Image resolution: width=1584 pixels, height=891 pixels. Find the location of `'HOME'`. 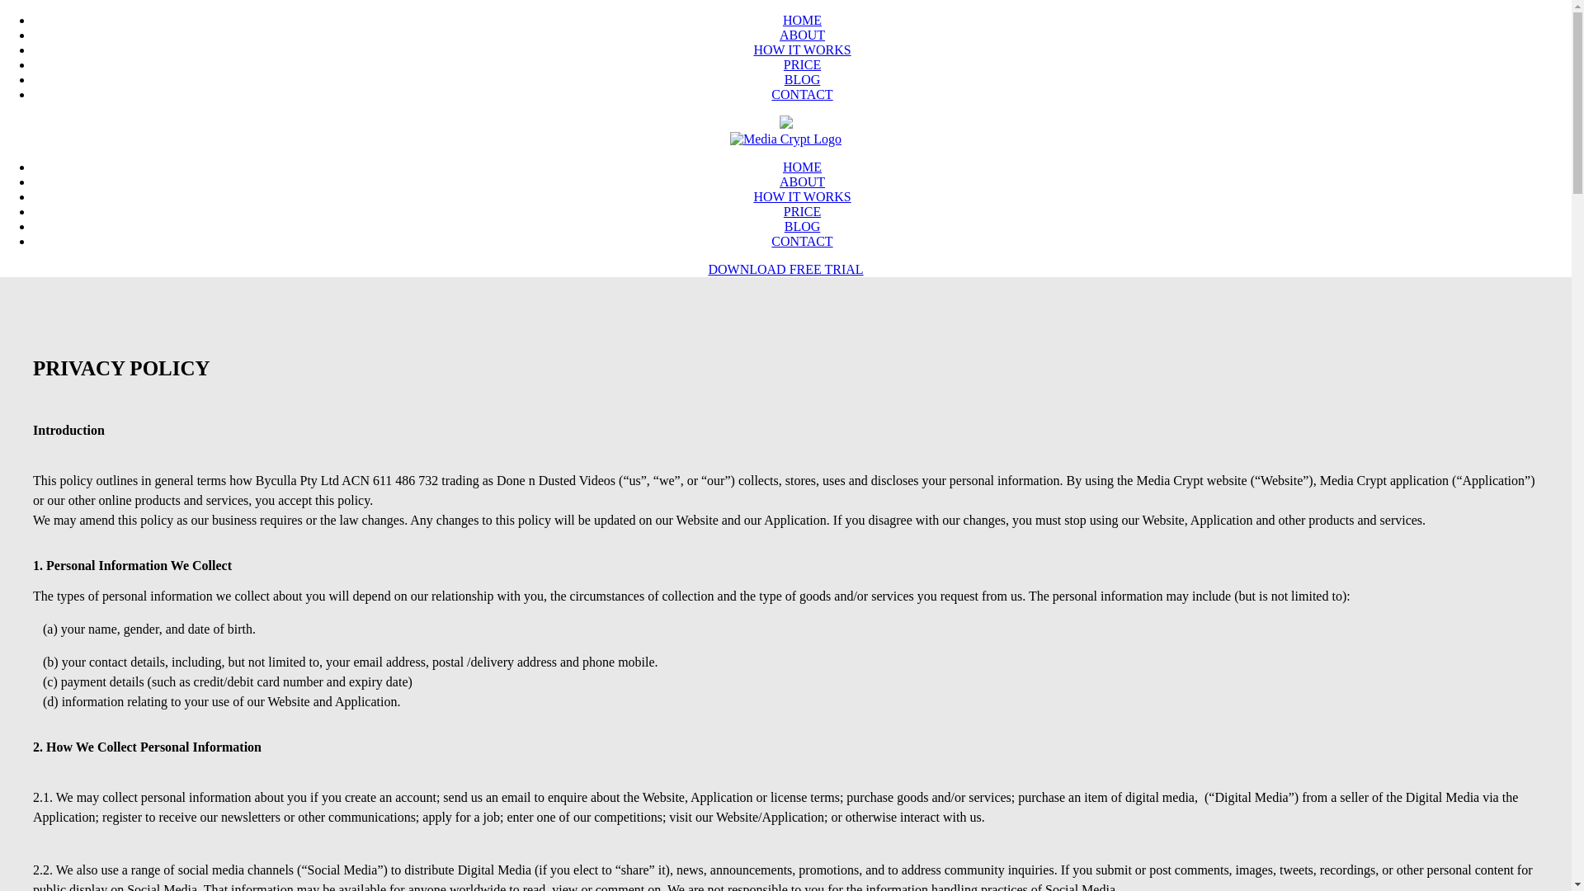

'HOME' is located at coordinates (782, 167).